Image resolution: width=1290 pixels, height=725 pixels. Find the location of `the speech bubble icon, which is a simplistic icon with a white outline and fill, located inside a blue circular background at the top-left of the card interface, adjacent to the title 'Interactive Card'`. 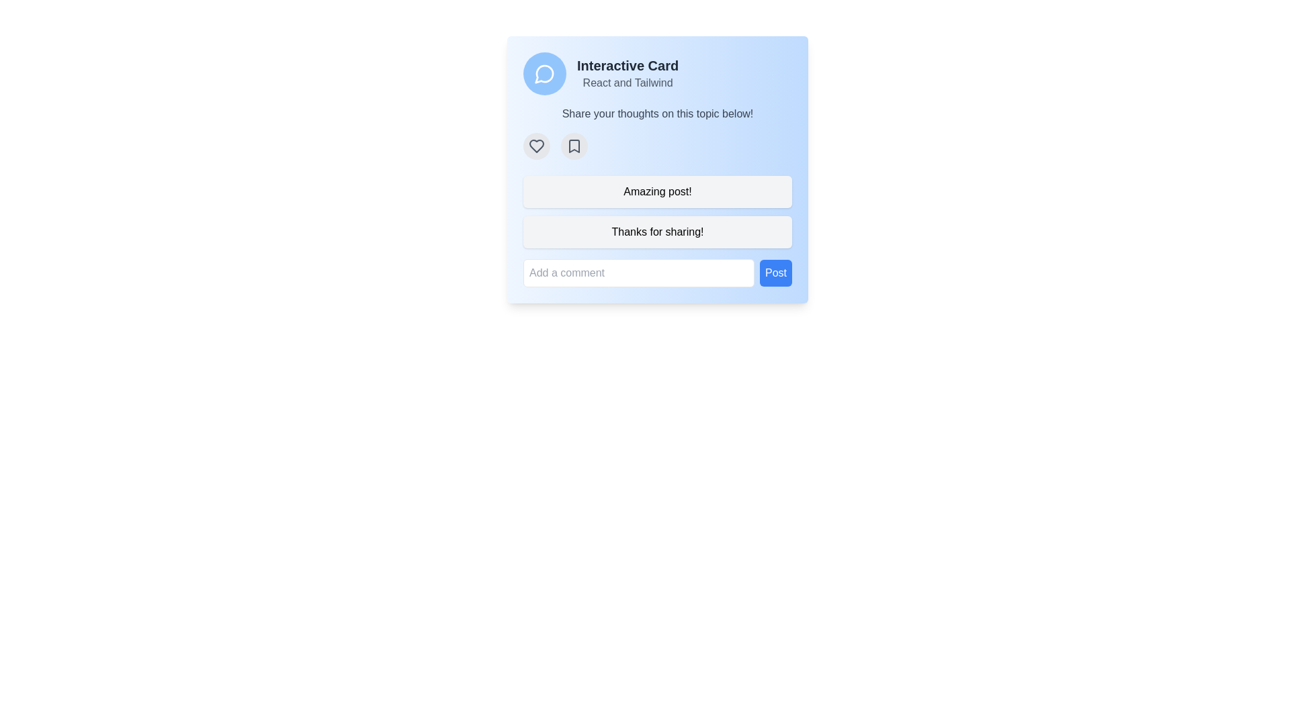

the speech bubble icon, which is a simplistic icon with a white outline and fill, located inside a blue circular background at the top-left of the card interface, adjacent to the title 'Interactive Card' is located at coordinates (545, 74).